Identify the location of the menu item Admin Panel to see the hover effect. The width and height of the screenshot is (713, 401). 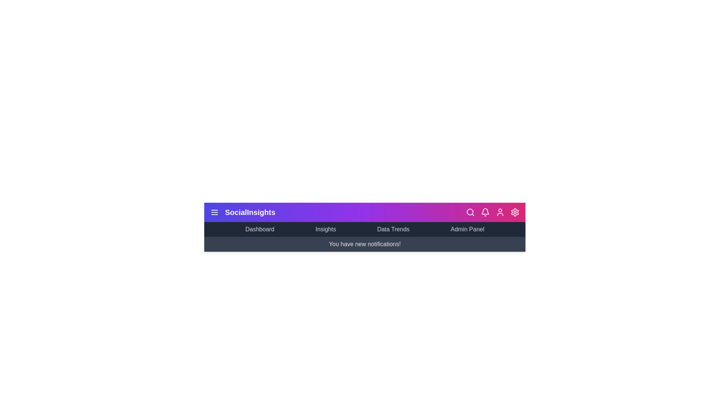
(467, 229).